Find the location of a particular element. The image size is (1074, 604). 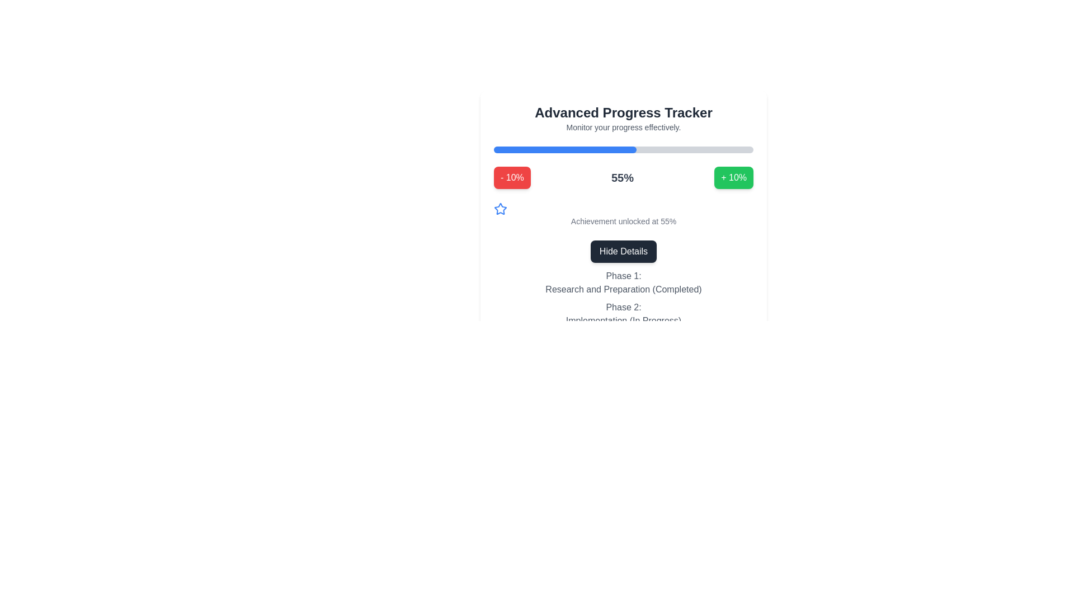

the horizontal progress bar is located at coordinates (623, 149).